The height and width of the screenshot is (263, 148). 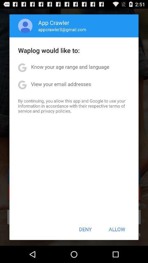 What do you see at coordinates (62, 29) in the screenshot?
I see `appcrawler3@gmail.com` at bounding box center [62, 29].